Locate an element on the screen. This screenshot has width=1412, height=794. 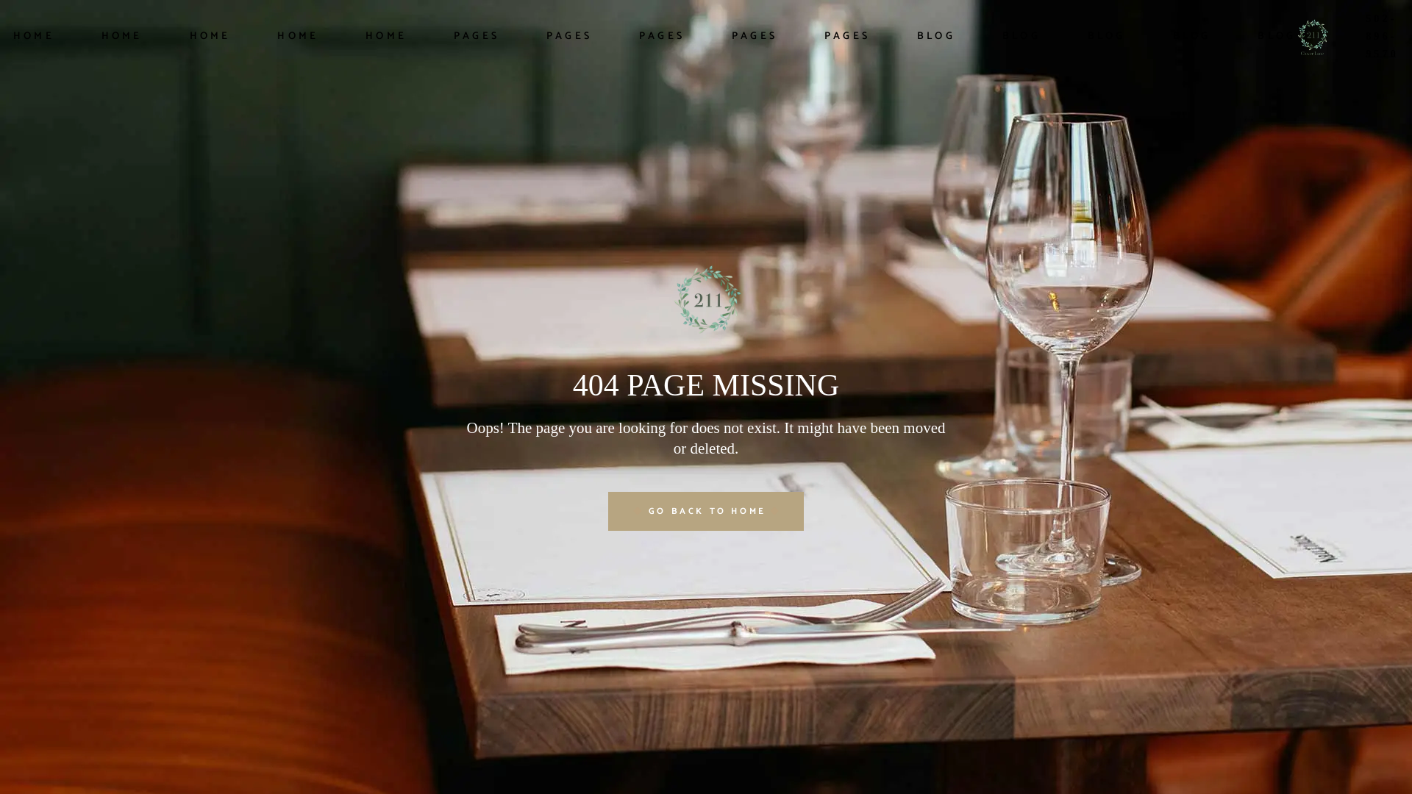
'GO BACK TO HOME' is located at coordinates (607, 509).